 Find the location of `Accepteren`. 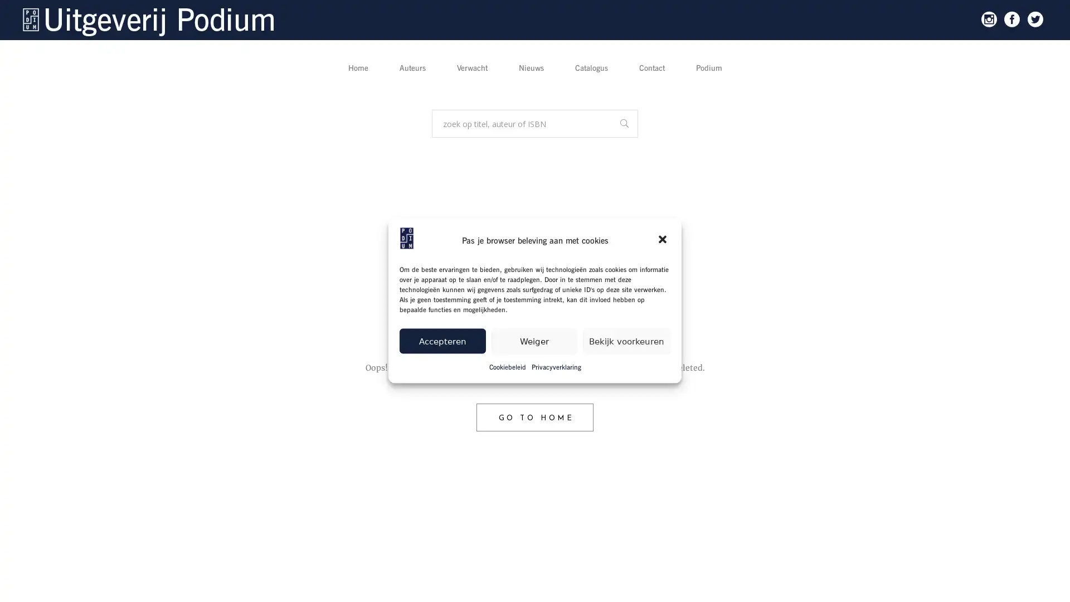

Accepteren is located at coordinates (441, 340).